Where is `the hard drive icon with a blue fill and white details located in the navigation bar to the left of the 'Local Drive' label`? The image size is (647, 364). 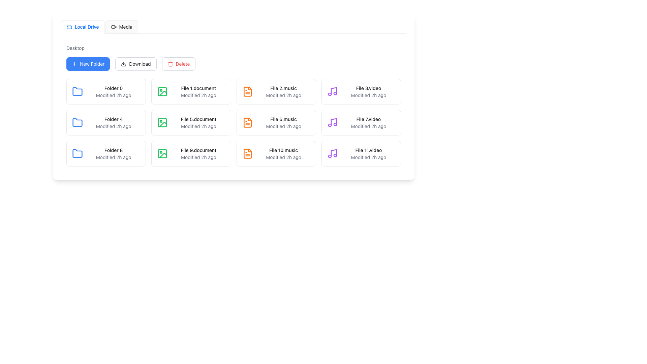
the hard drive icon with a blue fill and white details located in the navigation bar to the left of the 'Local Drive' label is located at coordinates (69, 27).